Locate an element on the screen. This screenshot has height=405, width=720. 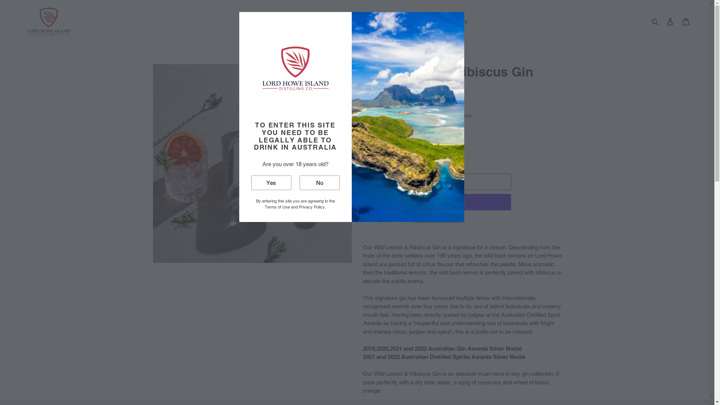
'Cart' is located at coordinates (678, 21).